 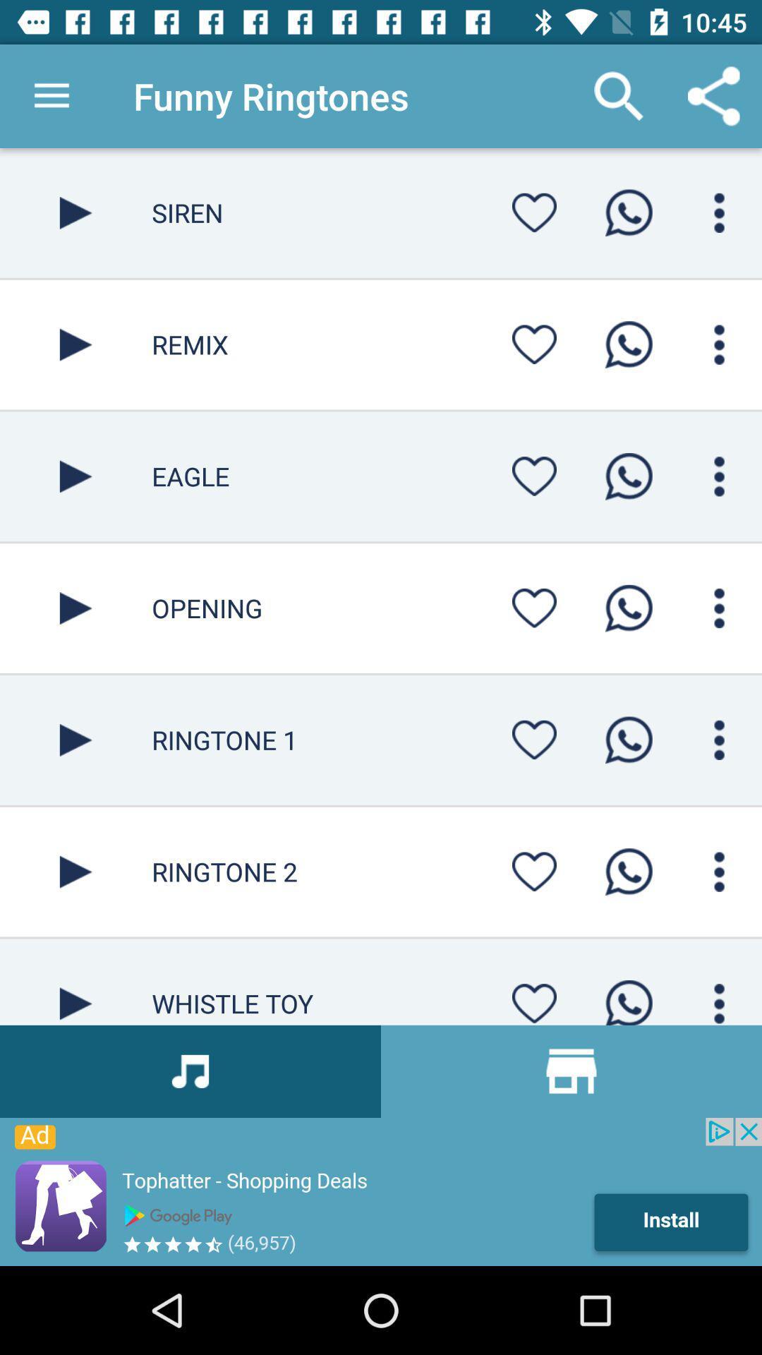 What do you see at coordinates (75, 981) in the screenshot?
I see `ringstones page` at bounding box center [75, 981].